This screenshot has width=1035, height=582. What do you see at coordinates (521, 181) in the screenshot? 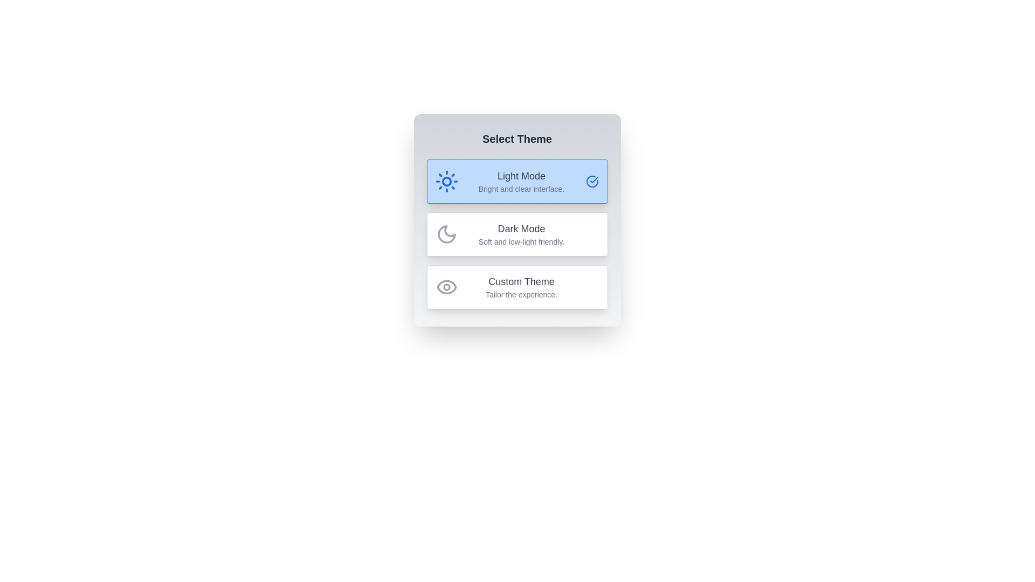
I see `the text block that describes the 'Light Mode' theme option` at bounding box center [521, 181].